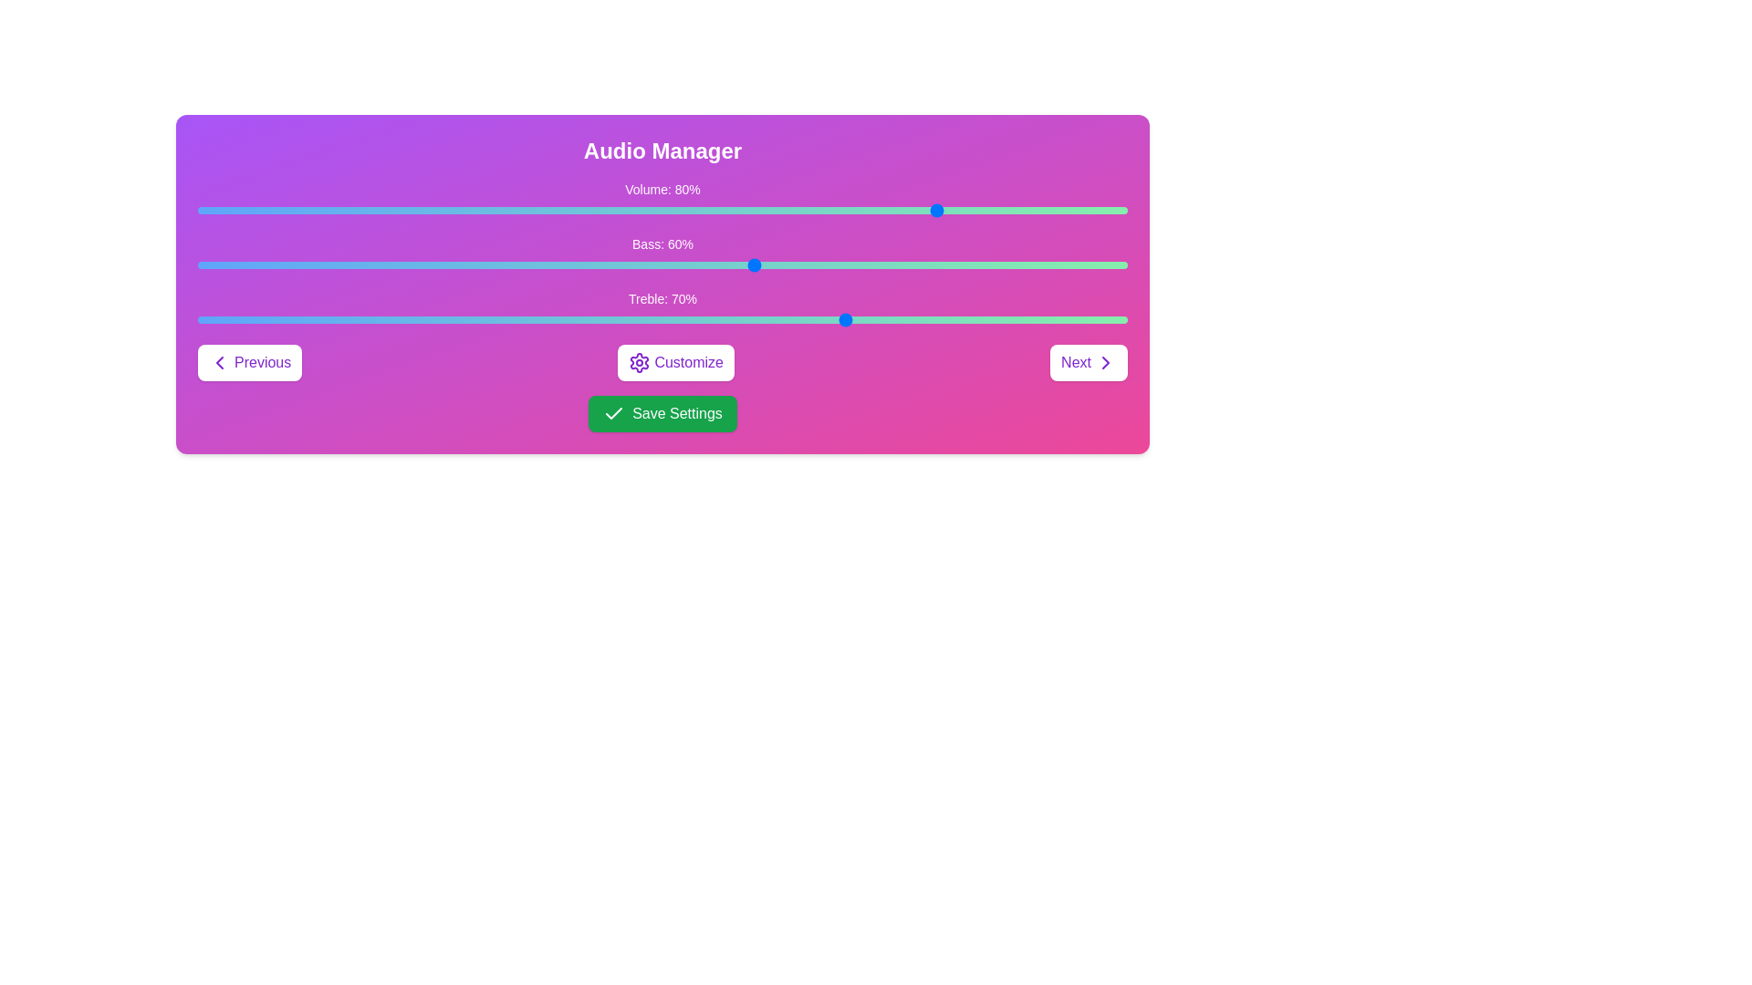 The height and width of the screenshot is (985, 1752). What do you see at coordinates (607, 319) in the screenshot?
I see `treble` at bounding box center [607, 319].